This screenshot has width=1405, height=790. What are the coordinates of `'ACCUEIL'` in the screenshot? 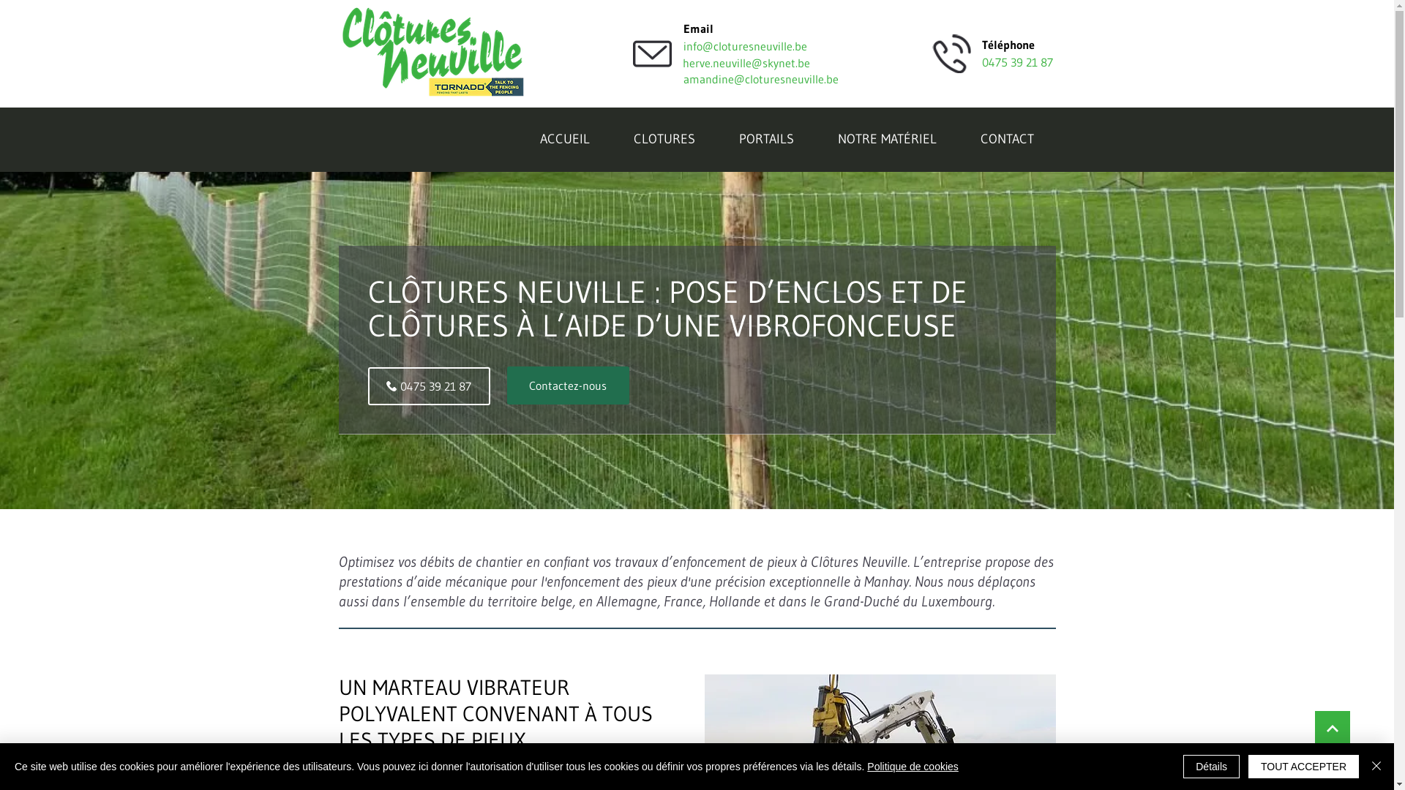 It's located at (564, 140).